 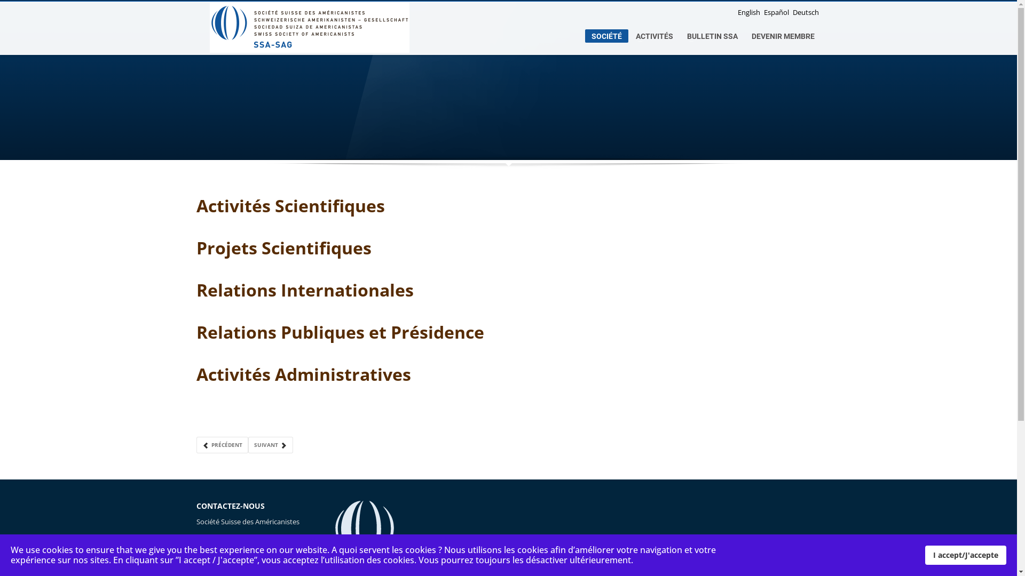 What do you see at coordinates (783, 36) in the screenshot?
I see `'DEVENIR MEMBRE'` at bounding box center [783, 36].